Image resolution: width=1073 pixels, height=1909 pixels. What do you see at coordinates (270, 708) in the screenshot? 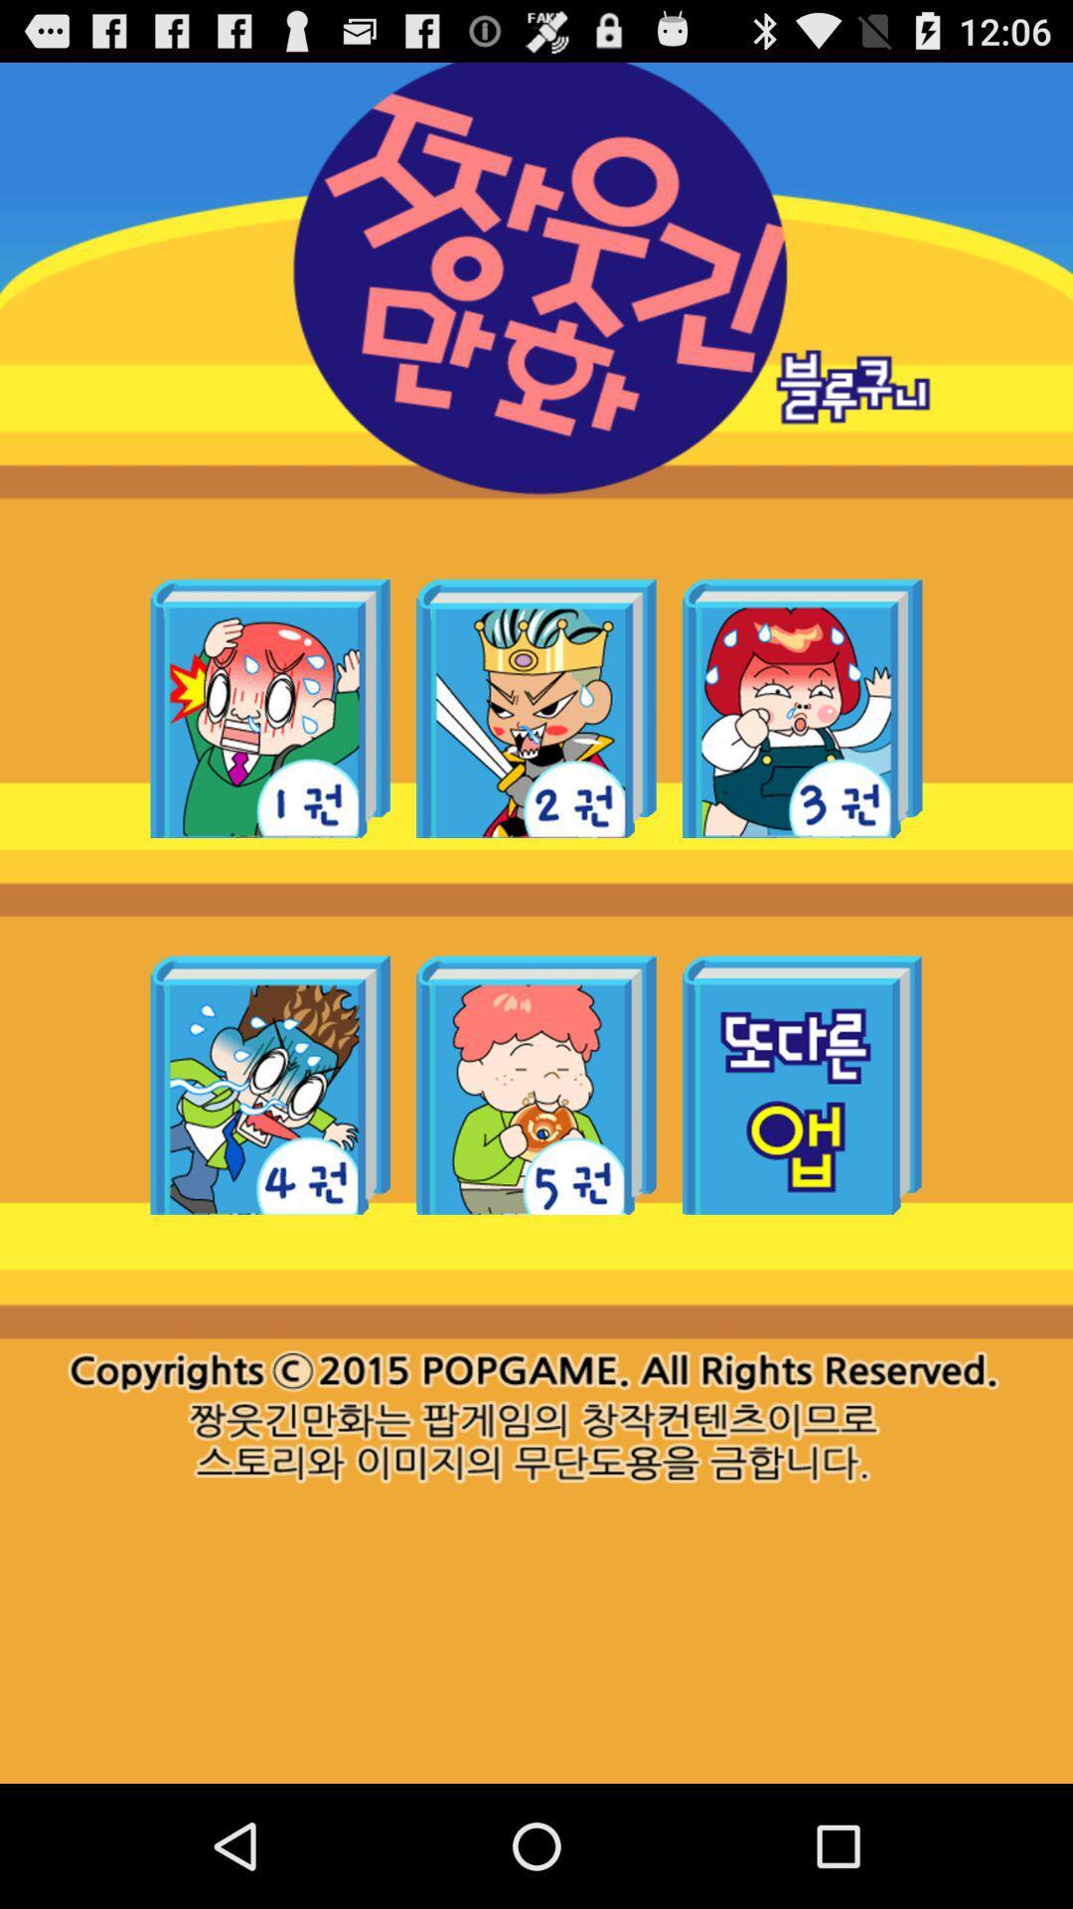
I see `a game` at bounding box center [270, 708].